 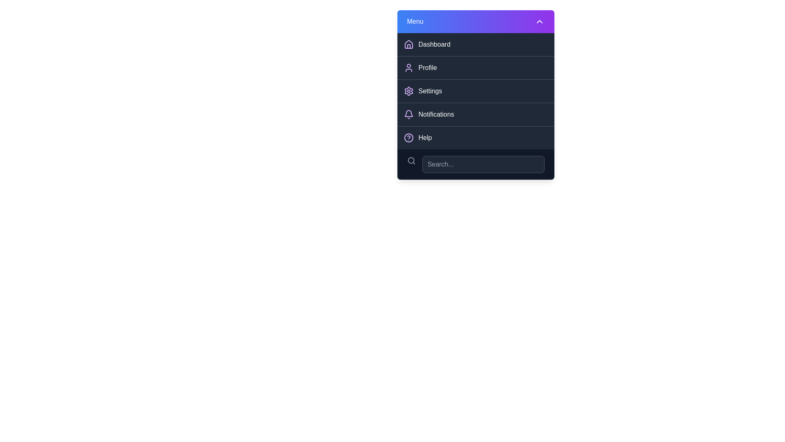 I want to click on the Notifications icon located in the Notifications menu, which is the fourth item in the vertical menu, adjacent to the text label 'Notifications', so click(x=408, y=113).